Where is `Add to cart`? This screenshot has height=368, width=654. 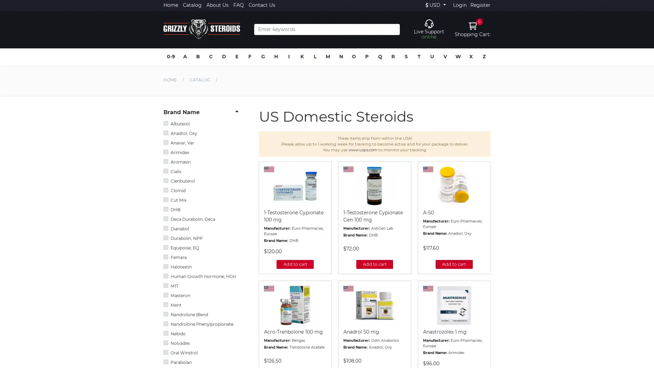
Add to cart is located at coordinates (454, 264).